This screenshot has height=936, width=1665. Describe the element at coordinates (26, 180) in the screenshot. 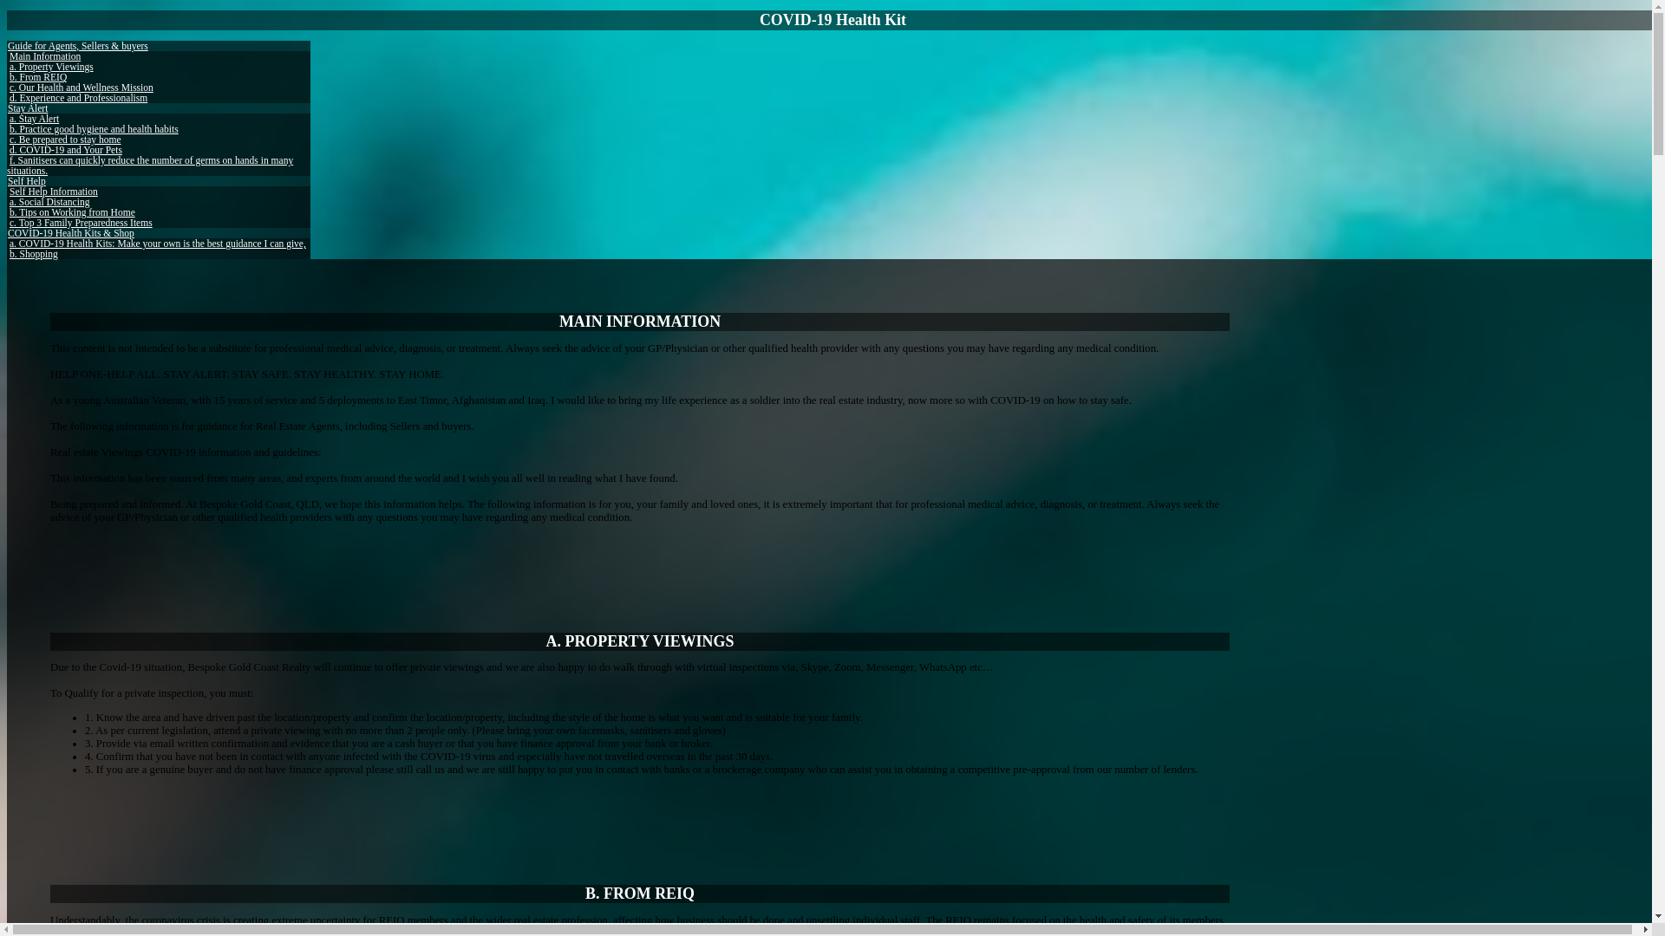

I see `'Self Help'` at that location.